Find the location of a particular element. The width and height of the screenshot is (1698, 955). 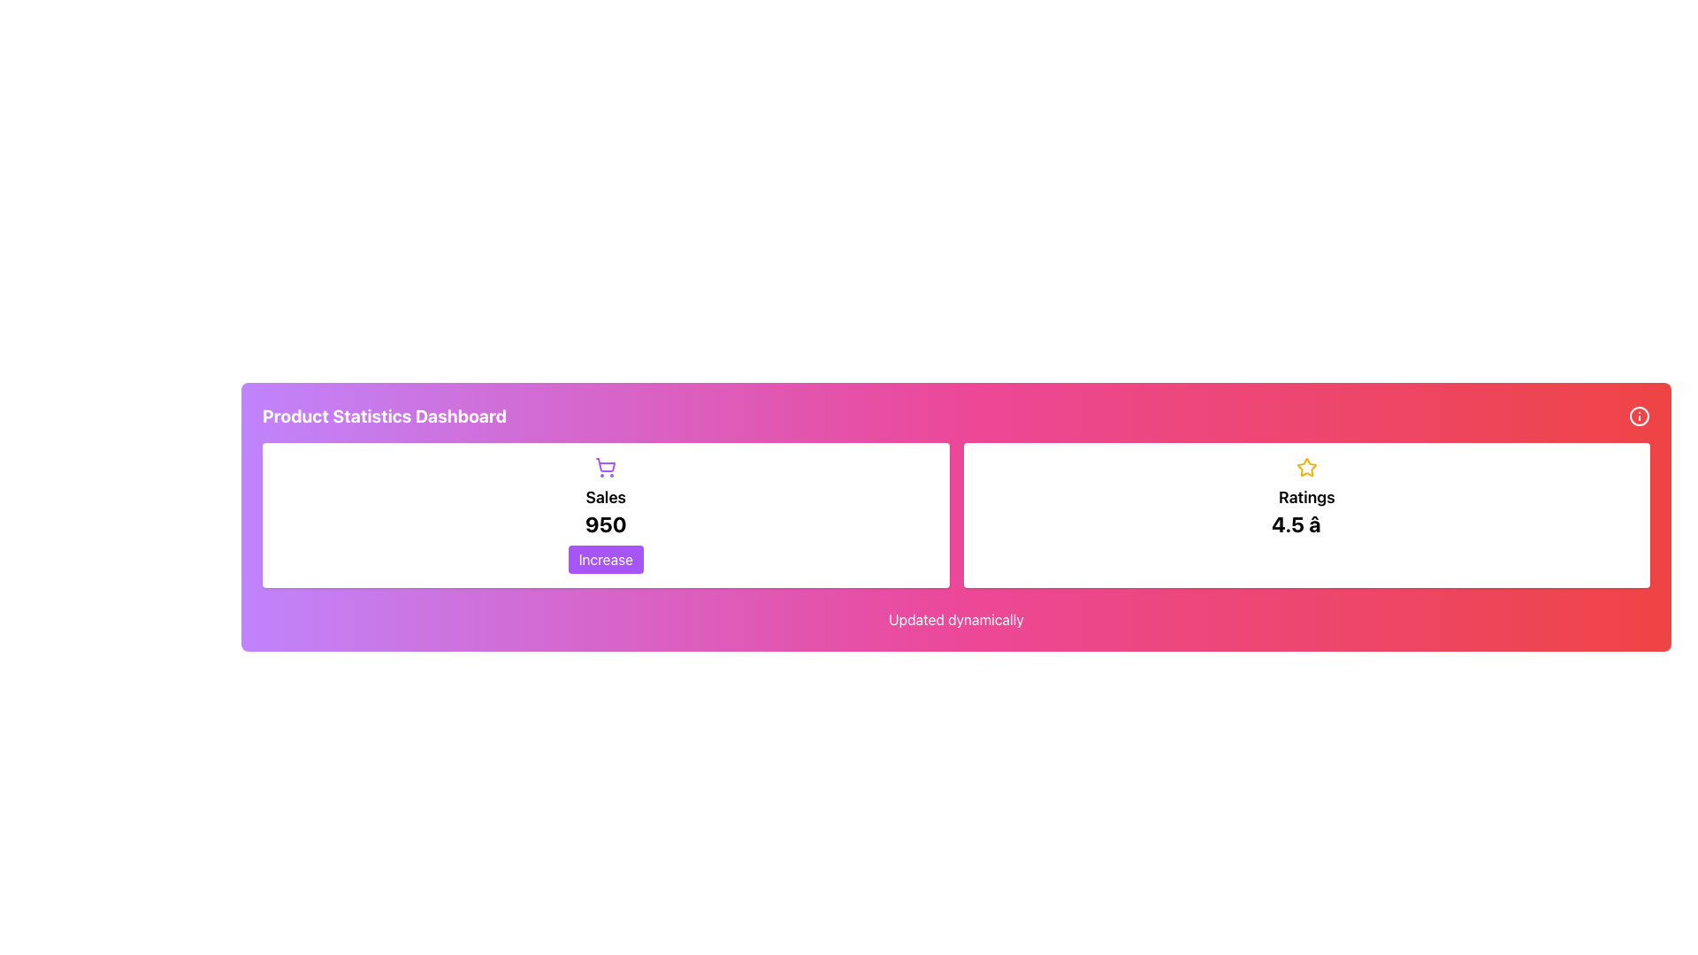

the information icon is located at coordinates (1638, 416).